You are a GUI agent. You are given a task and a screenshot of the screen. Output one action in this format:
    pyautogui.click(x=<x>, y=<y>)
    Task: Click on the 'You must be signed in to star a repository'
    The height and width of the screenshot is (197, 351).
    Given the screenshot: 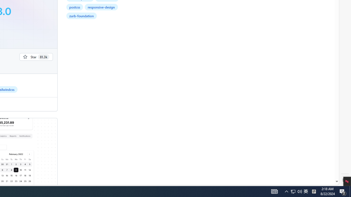 What is the action you would take?
    pyautogui.click(x=36, y=57)
    